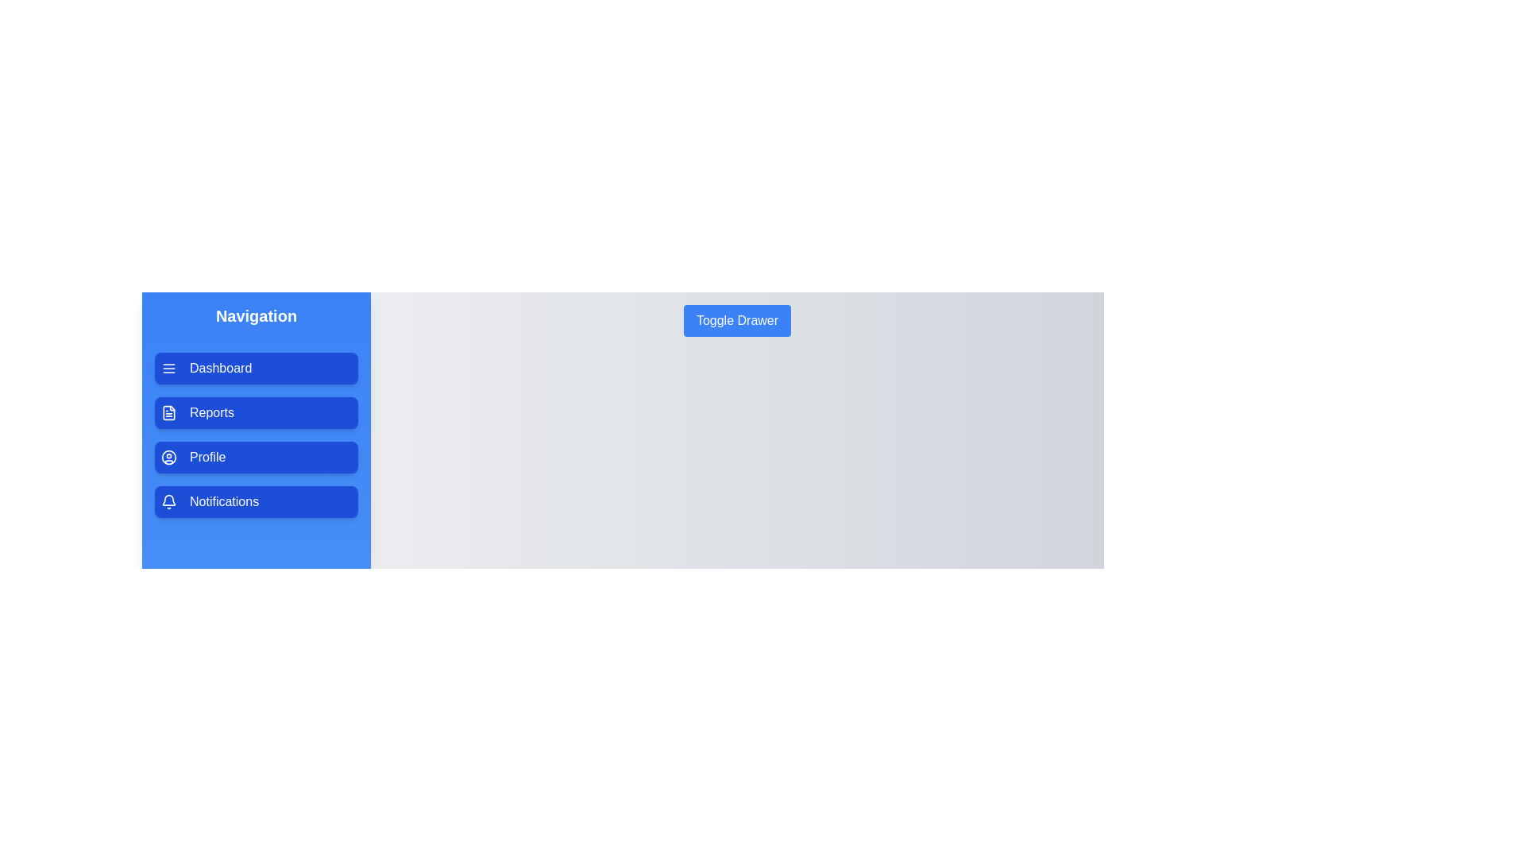  Describe the element at coordinates (256, 502) in the screenshot. I see `the menu item Notifications to observe its hover effect` at that location.